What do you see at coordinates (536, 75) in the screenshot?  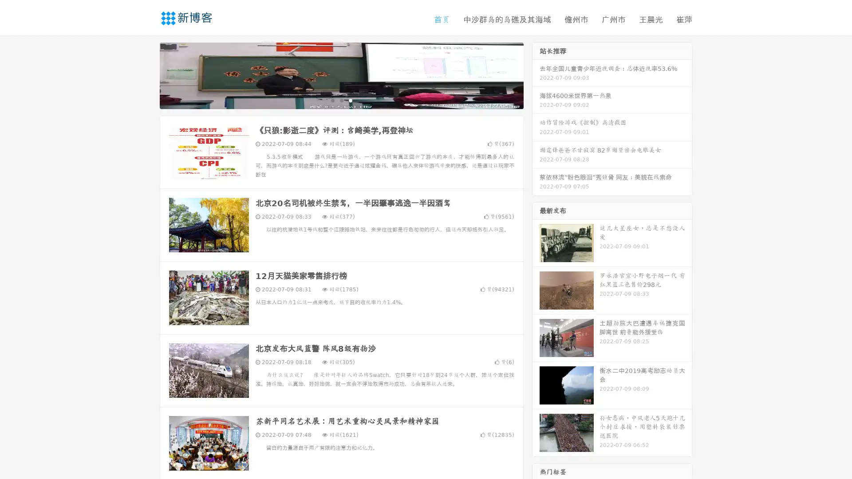 I see `Next slide` at bounding box center [536, 75].